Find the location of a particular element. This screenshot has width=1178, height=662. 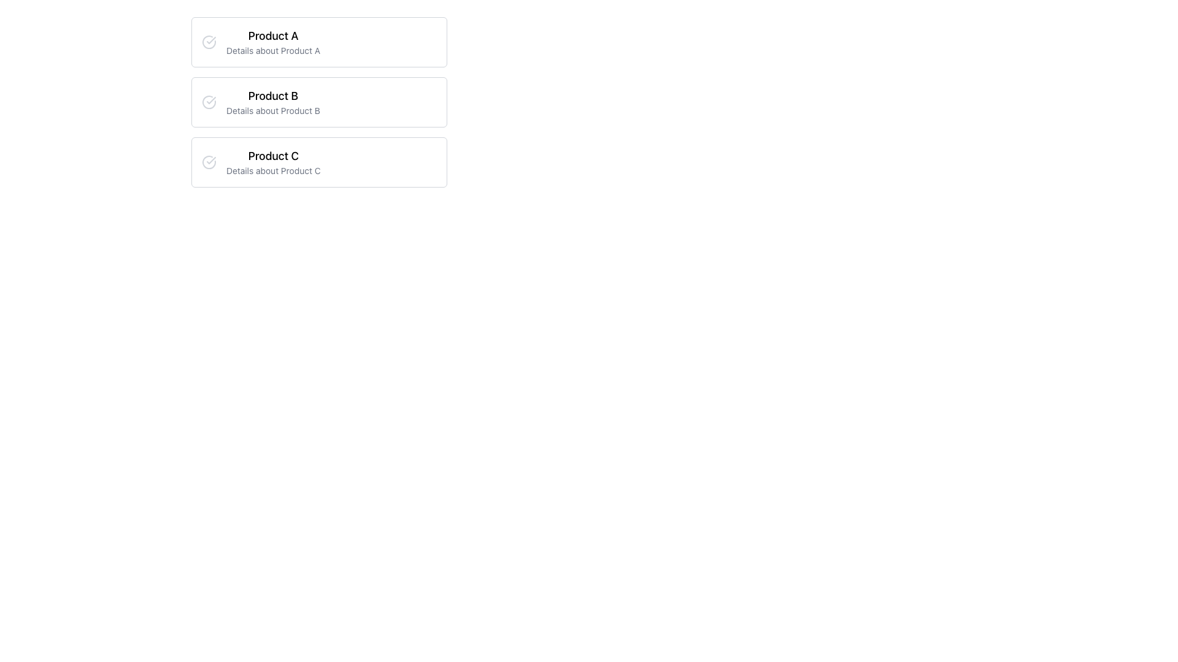

text label that displays 'Details about Product C', which is a smaller, gray text positioned directly below the bolded title 'Product C' is located at coordinates (272, 170).